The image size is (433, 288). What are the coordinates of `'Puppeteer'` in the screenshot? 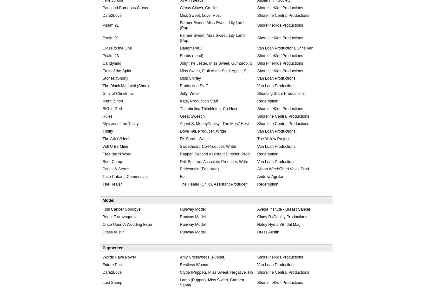 It's located at (112, 247).